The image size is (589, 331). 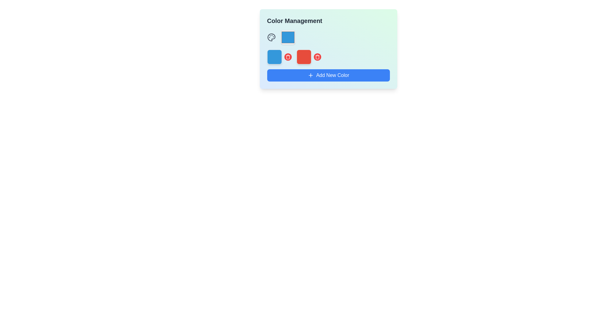 I want to click on the colored square with rounded corners and a red background, located under the 'Color Management' section, positioned to the right of a blue square, so click(x=309, y=57).